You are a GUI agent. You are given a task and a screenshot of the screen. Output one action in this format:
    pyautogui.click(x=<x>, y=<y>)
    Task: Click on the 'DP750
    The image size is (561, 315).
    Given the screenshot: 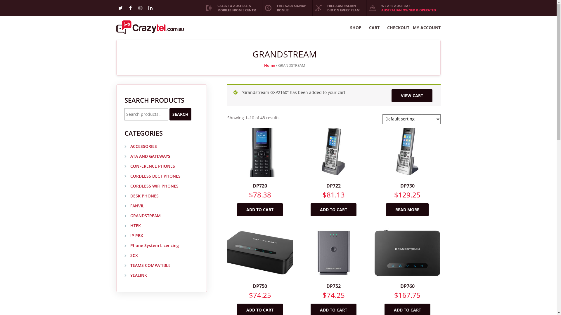 What is the action you would take?
    pyautogui.click(x=259, y=270)
    